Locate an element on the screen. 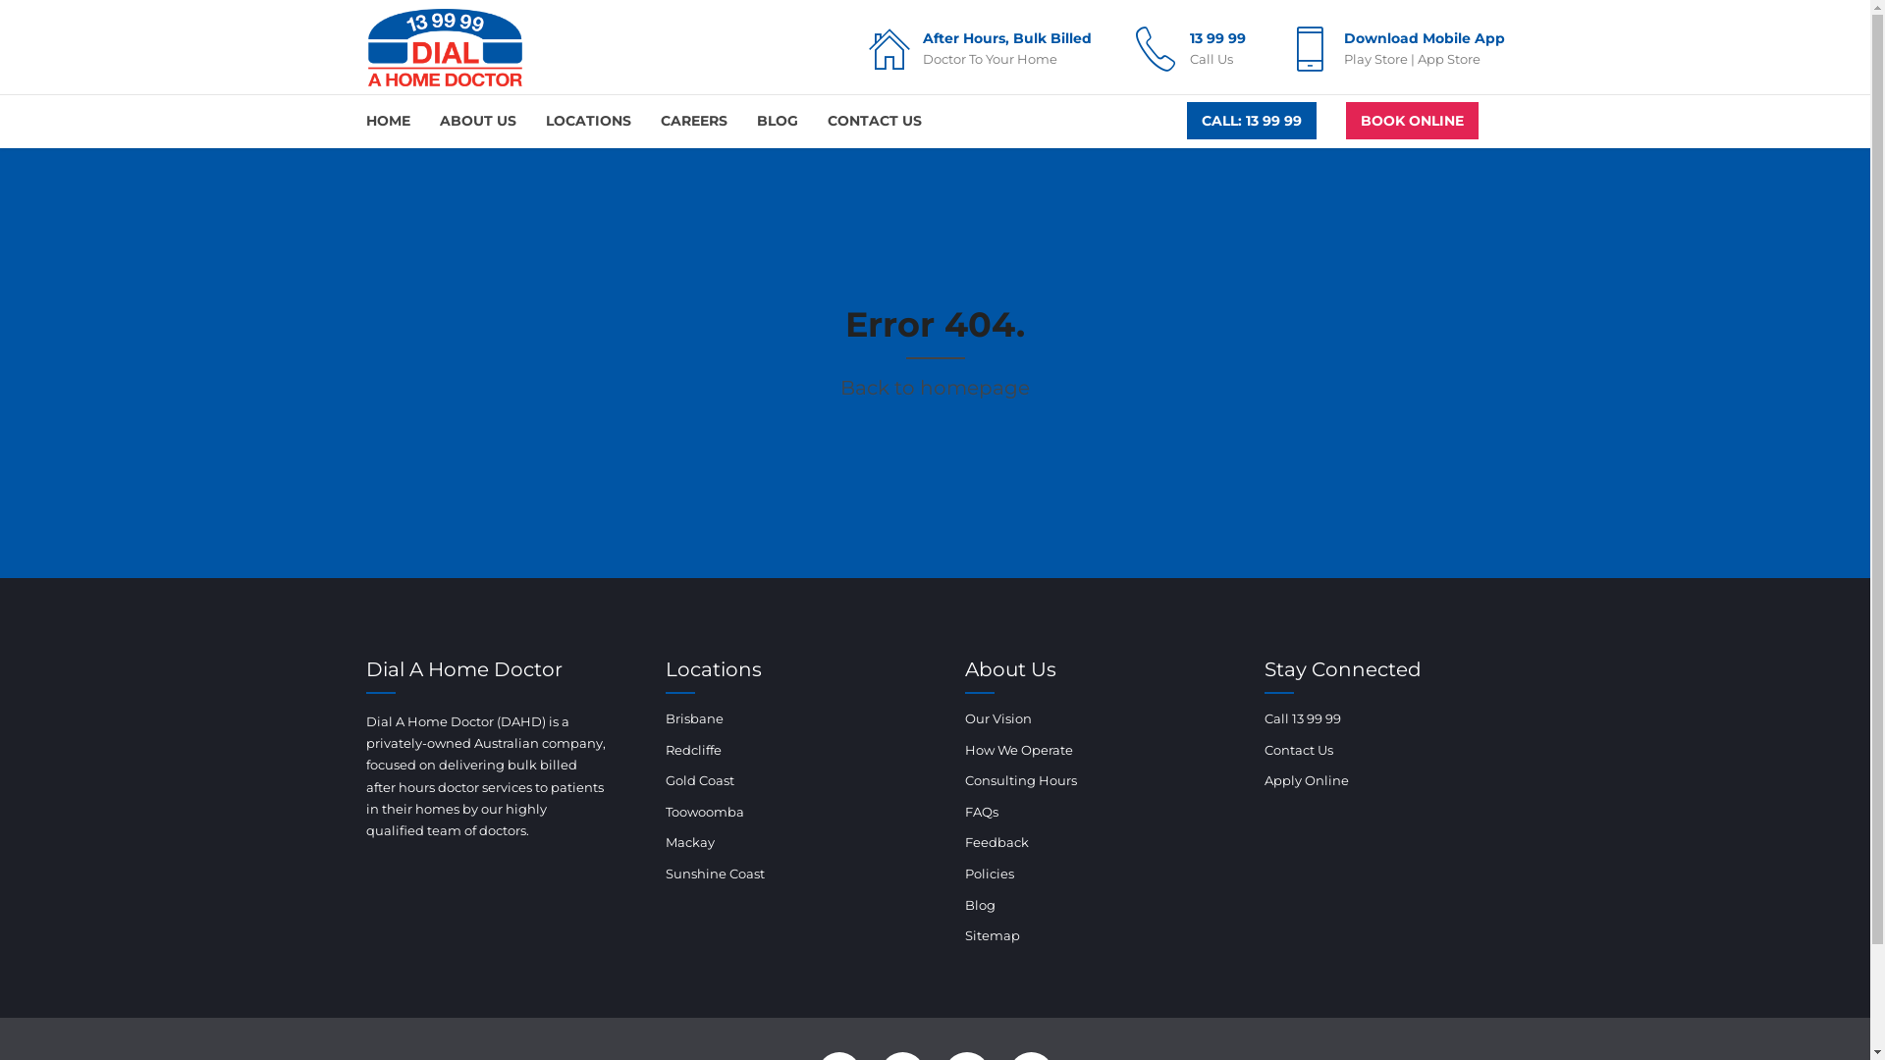 The width and height of the screenshot is (1885, 1060). '13 99 99 is located at coordinates (1126, 47).